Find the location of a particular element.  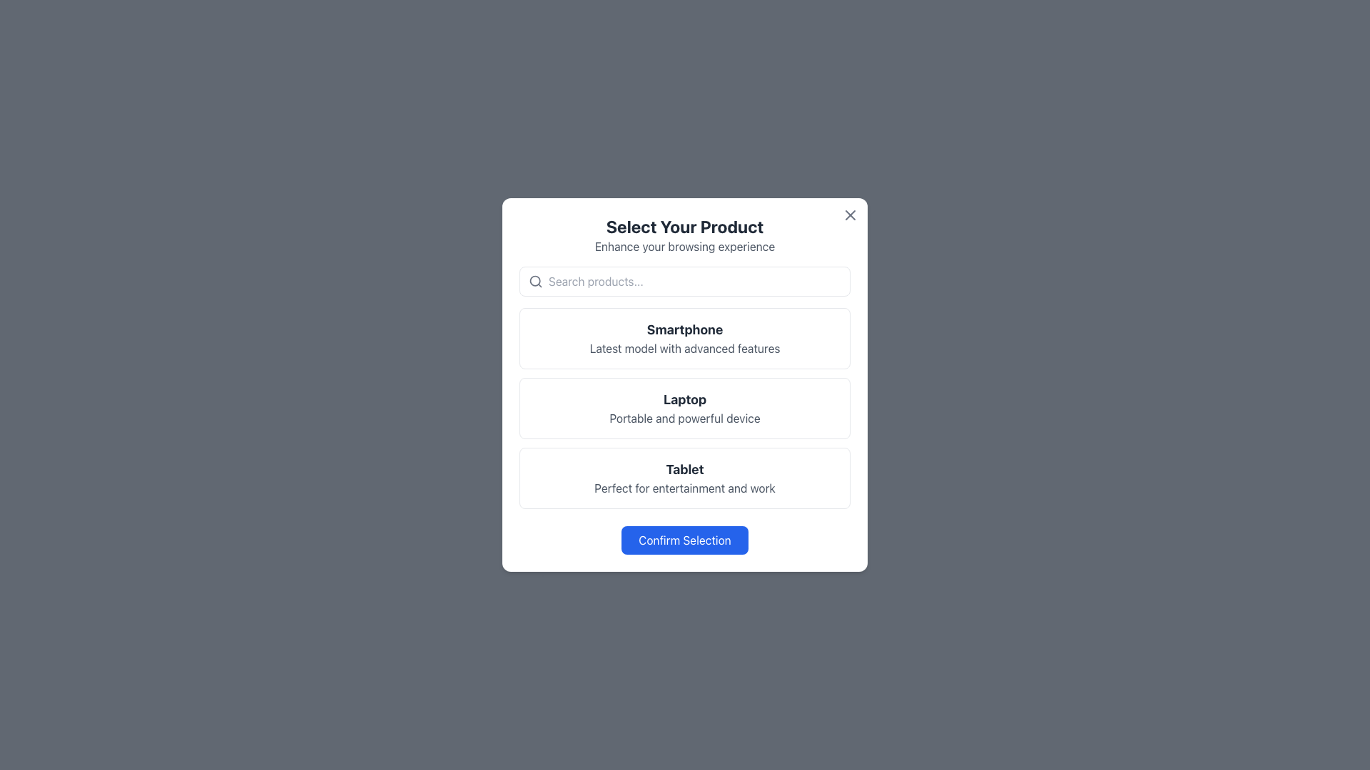

to select the 'Laptop' option from the selectable list item, which is centrally aligned in the gray overlay of the modal is located at coordinates (685, 385).